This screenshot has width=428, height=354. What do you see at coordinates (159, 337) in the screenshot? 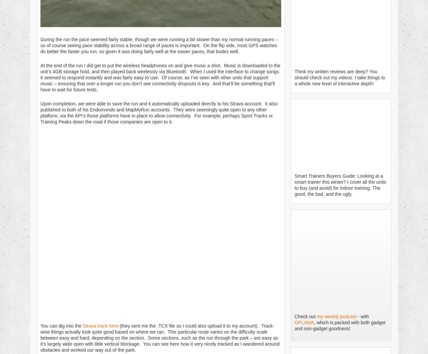
I see `'(they sent me the .TCX file so I could also upload it to my account).  Track-wise things actually look quite good based on where we ran.  This particular route varies on the difficulty scale between easy and hard, depending on the section.  Some sections, such as the run through the park – are easy as it’s largely wide open with little vertical blockage.  You can see here how it very nicely tracked as I wandered around obstacles and worked our way out of the park.'` at bounding box center [159, 337].